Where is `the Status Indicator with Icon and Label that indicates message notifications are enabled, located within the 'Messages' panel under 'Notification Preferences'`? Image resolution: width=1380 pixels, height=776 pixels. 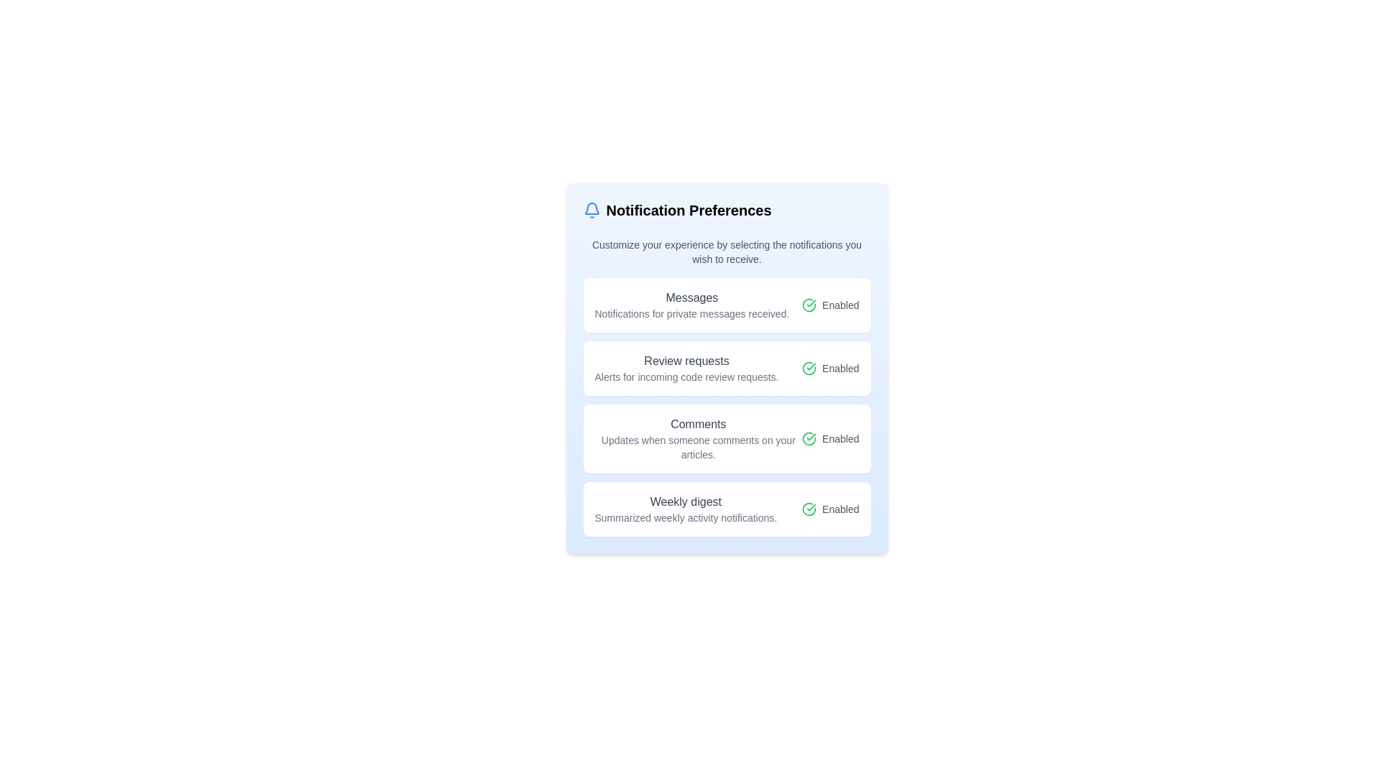
the Status Indicator with Icon and Label that indicates message notifications are enabled, located within the 'Messages' panel under 'Notification Preferences' is located at coordinates (830, 304).